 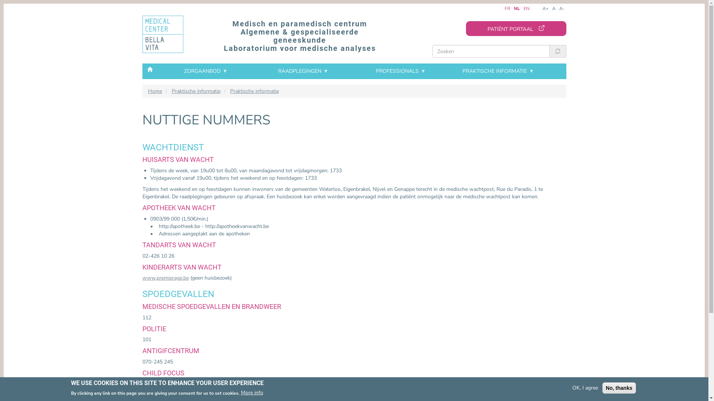 What do you see at coordinates (205, 71) in the screenshot?
I see `'ZORGAANBOD'` at bounding box center [205, 71].